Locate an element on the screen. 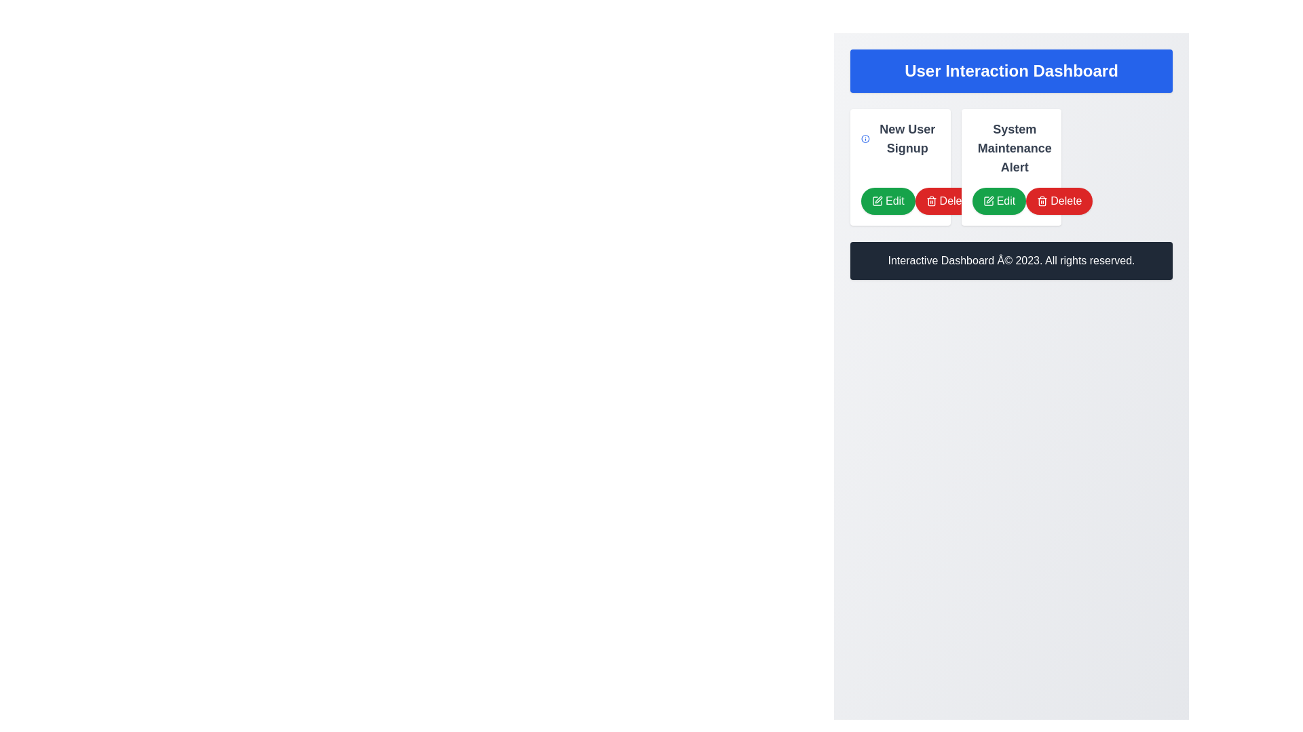 Image resolution: width=1303 pixels, height=732 pixels. the 'Delete' button is located at coordinates (1059, 201).